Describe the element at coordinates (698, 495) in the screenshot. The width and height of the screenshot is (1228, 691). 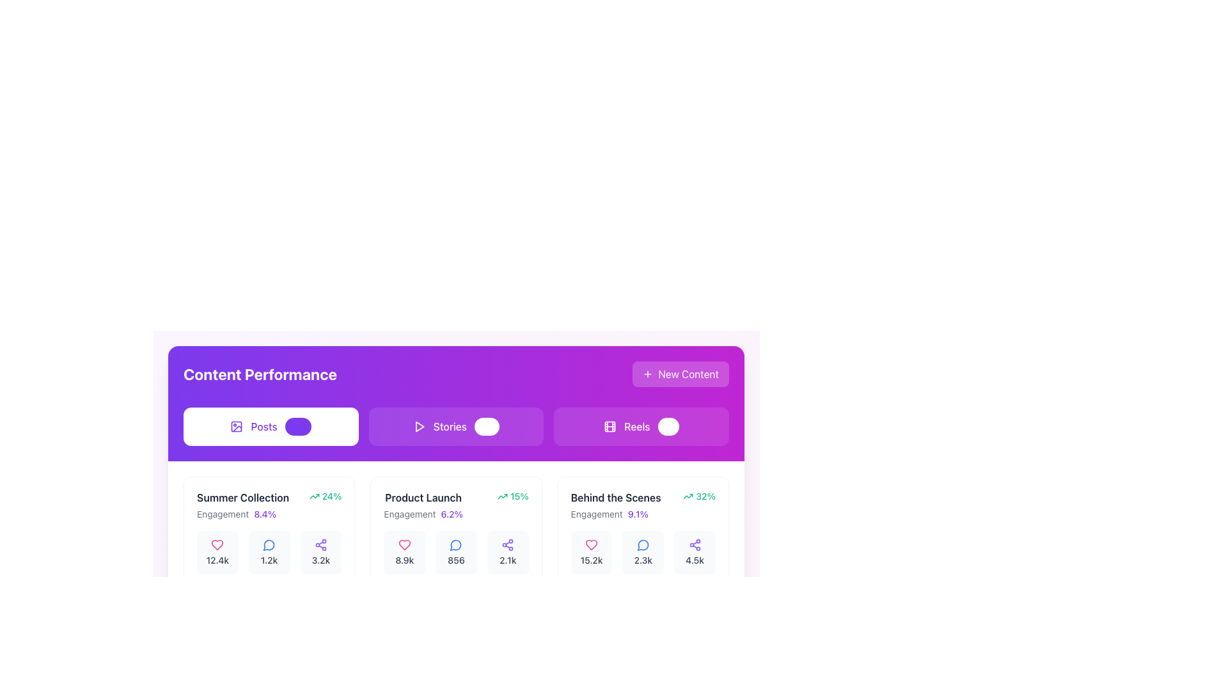
I see `the text and icon of the Statistical Indicator with Icon displaying engagement improvement percentage for 'Behind the Scenes' content, located in the bottom-right corner of the card` at that location.